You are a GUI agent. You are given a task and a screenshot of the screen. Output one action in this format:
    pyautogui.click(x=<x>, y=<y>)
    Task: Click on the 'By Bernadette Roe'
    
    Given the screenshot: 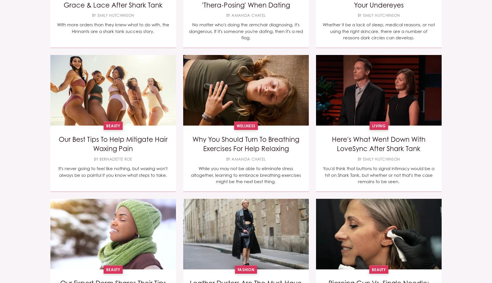 What is the action you would take?
    pyautogui.click(x=94, y=159)
    